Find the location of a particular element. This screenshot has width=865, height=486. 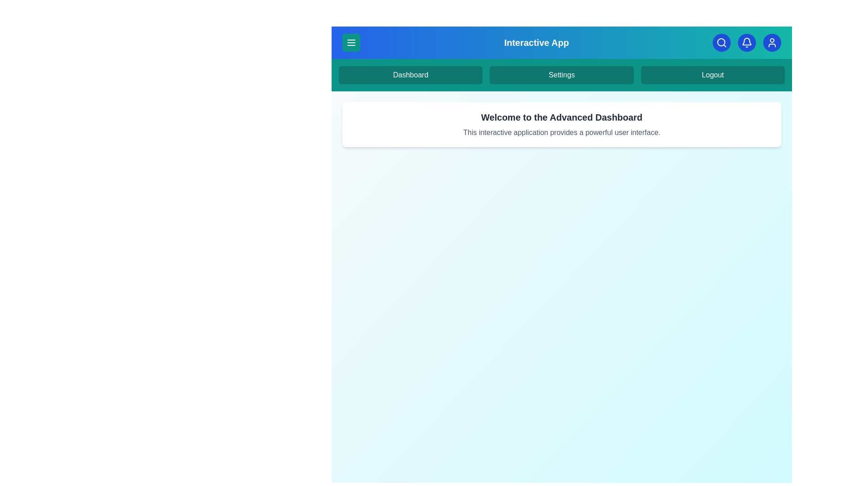

the menu button to toggle the menu visibility is located at coordinates (351, 43).